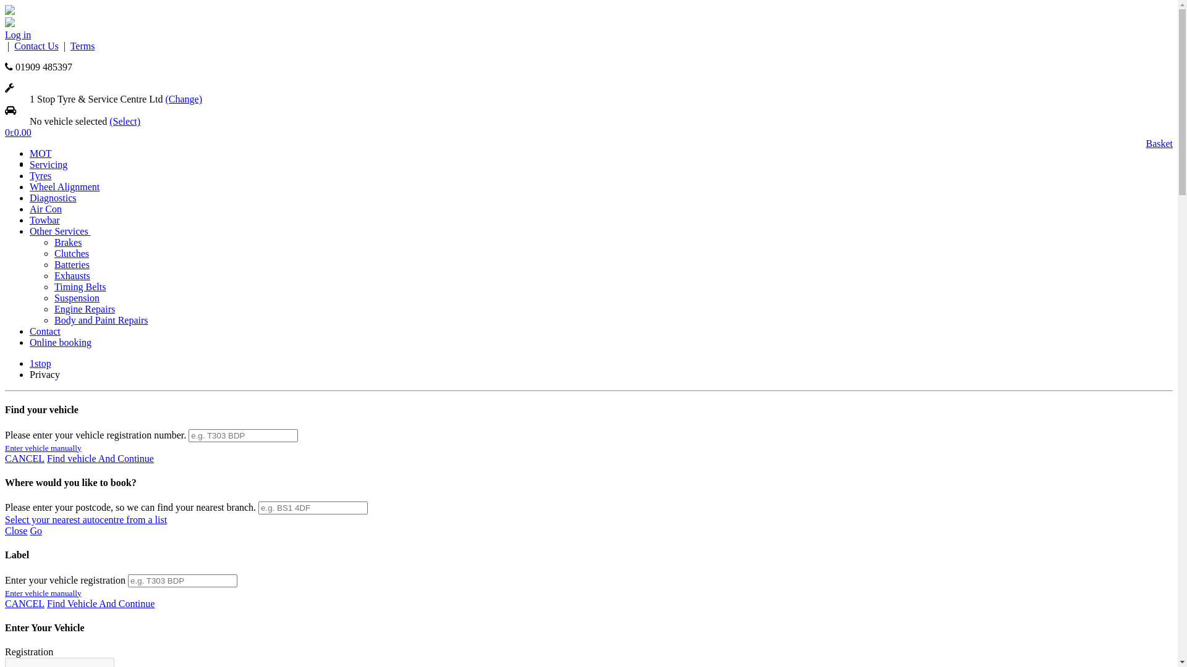  Describe the element at coordinates (48, 164) in the screenshot. I see `'Servicing'` at that location.